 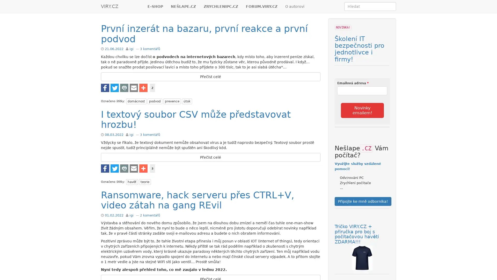 What do you see at coordinates (143, 87) in the screenshot?
I see `Share to Vice...` at bounding box center [143, 87].